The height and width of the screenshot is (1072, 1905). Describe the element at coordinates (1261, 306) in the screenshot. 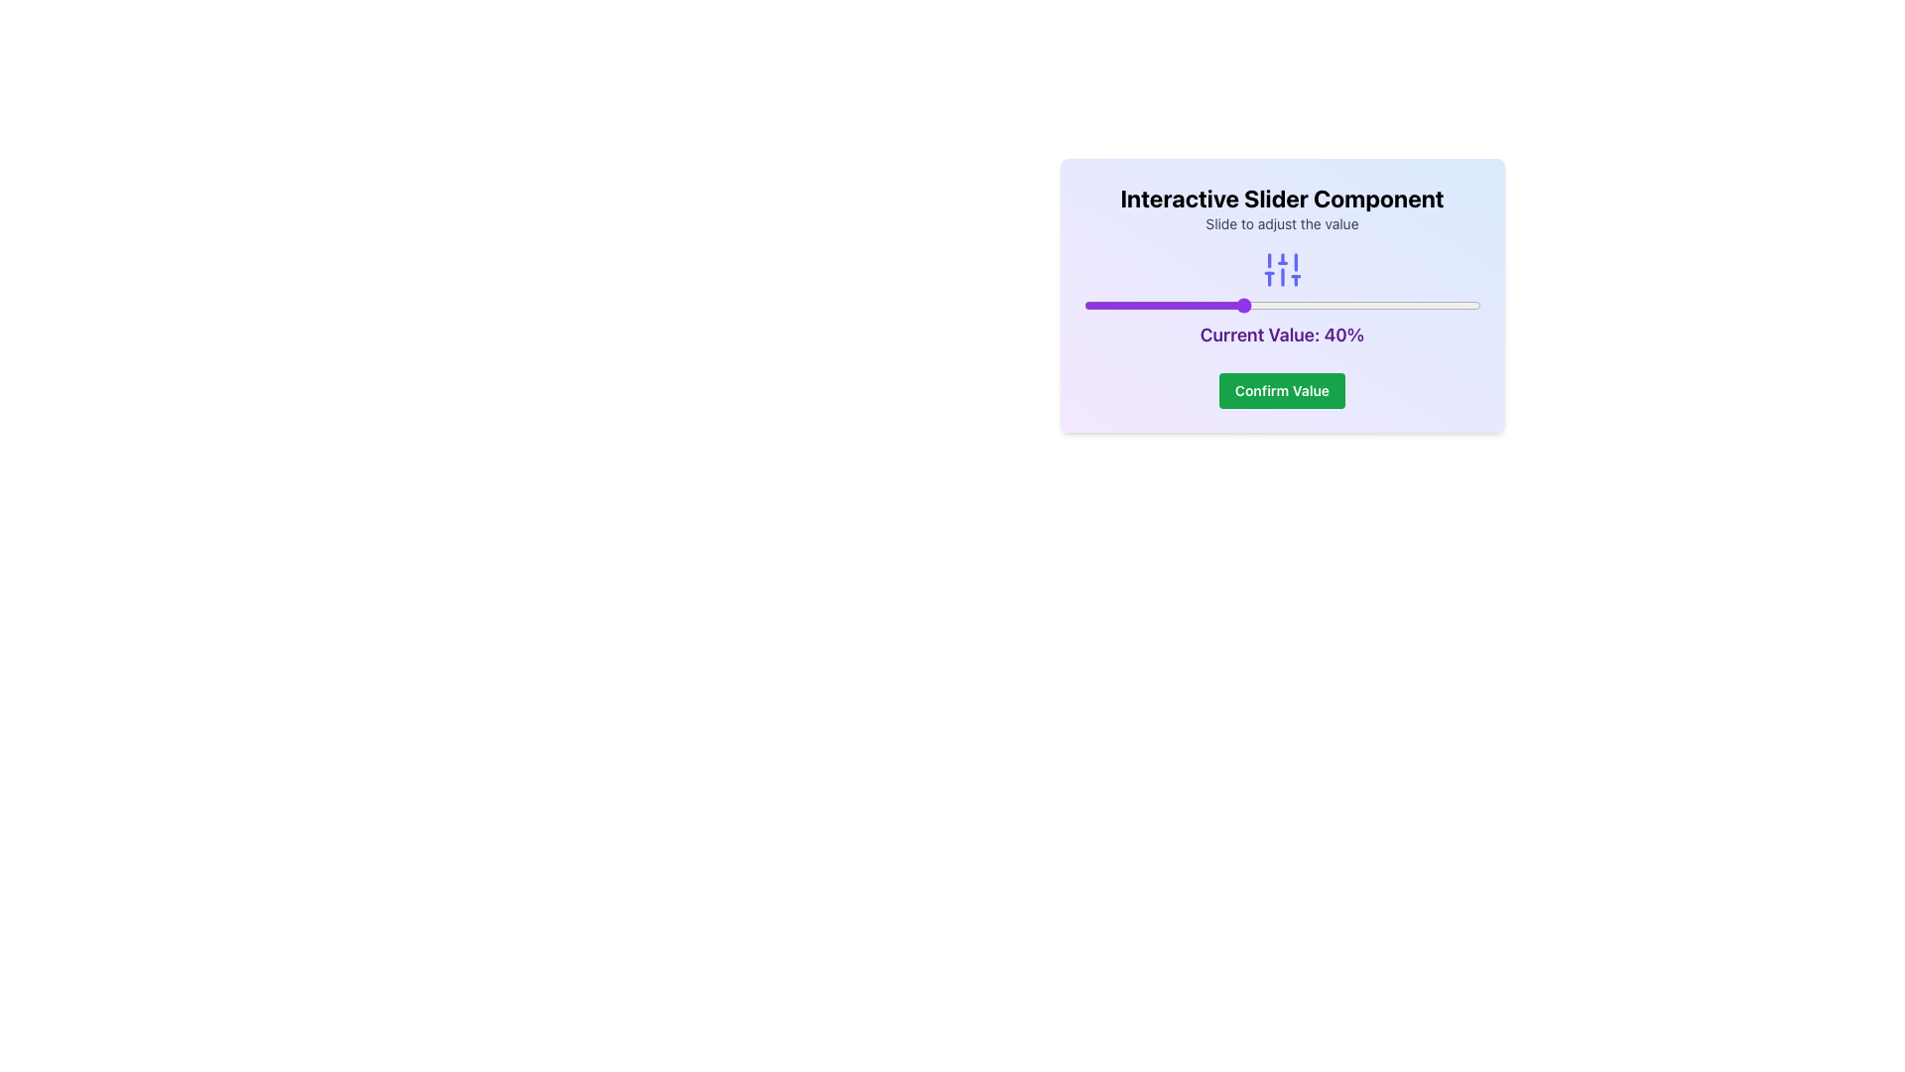

I see `the slider value` at that location.